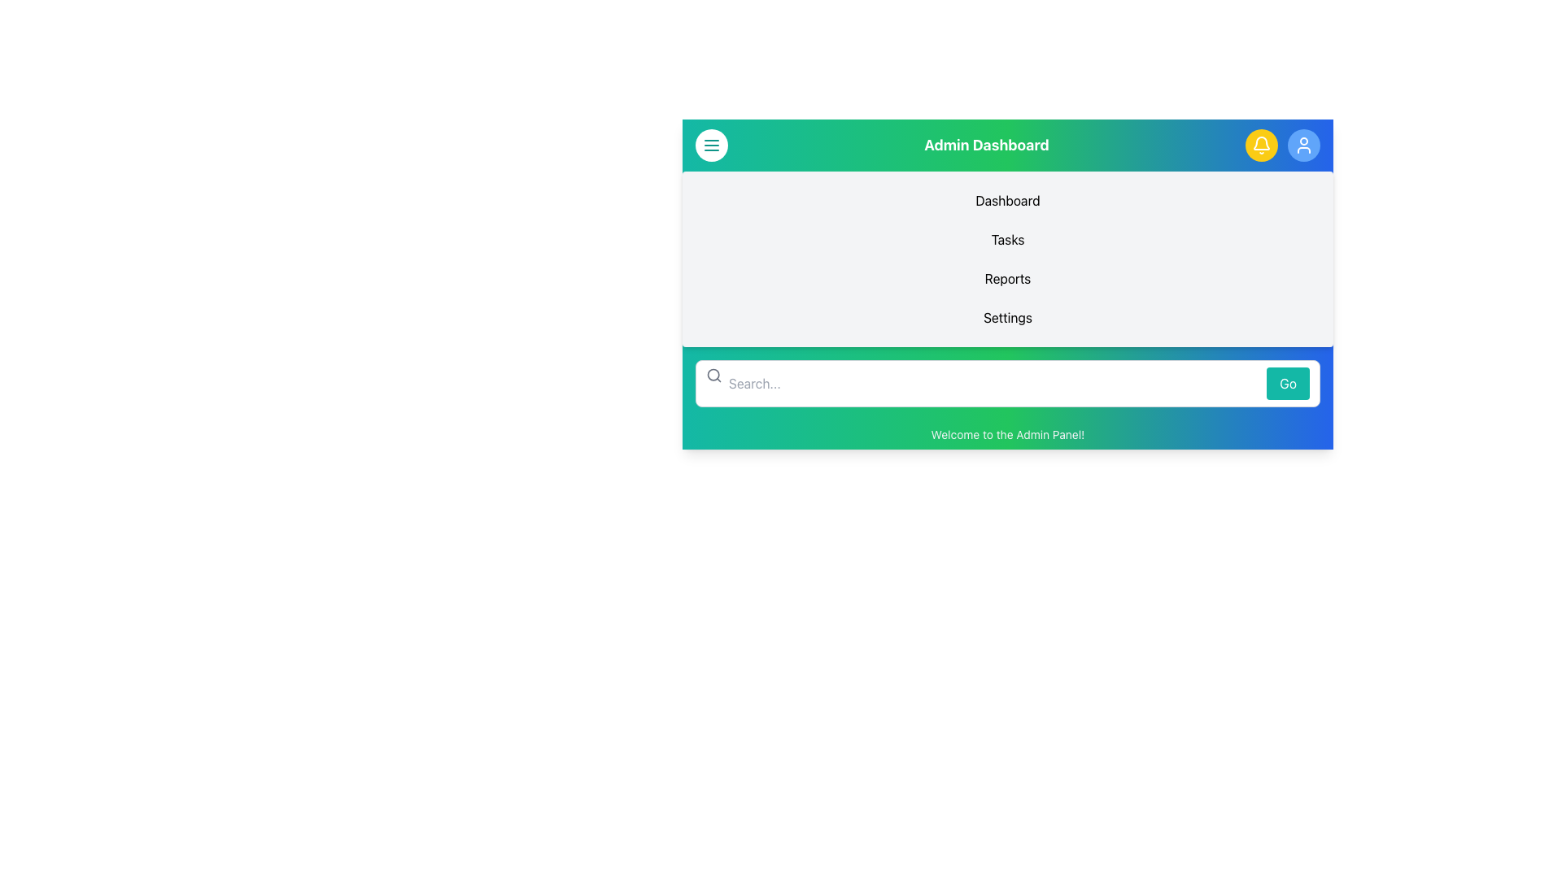 The image size is (1562, 878). Describe the element at coordinates (1006, 317) in the screenshot. I see `the 'Settings' button-like text menu item, which is styled with a round-edge rectangle background and is the last item in a vertical menu` at that location.